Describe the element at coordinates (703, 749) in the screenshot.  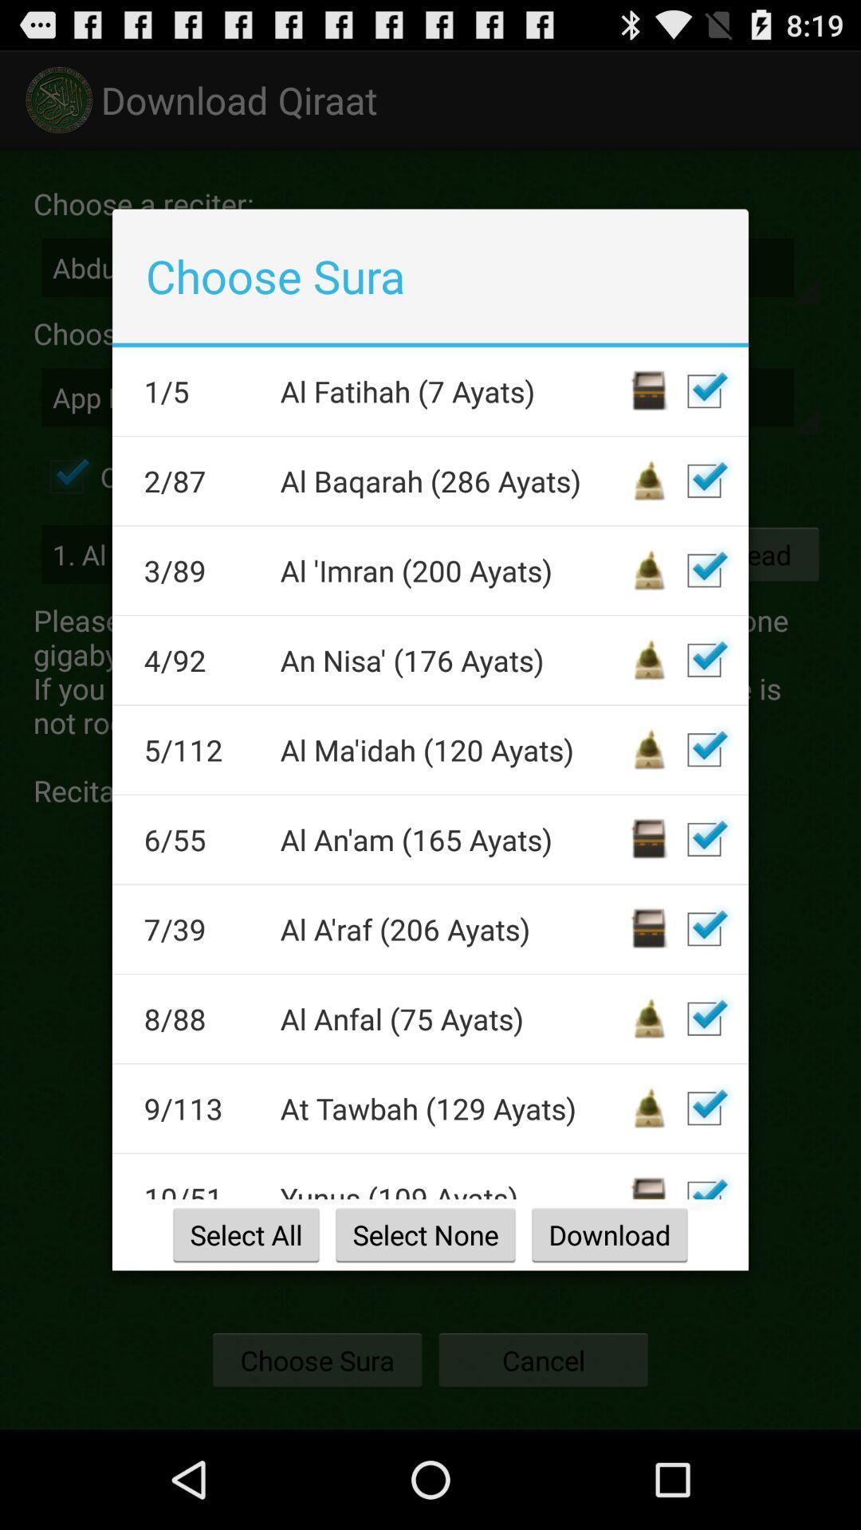
I see `check sura option` at that location.